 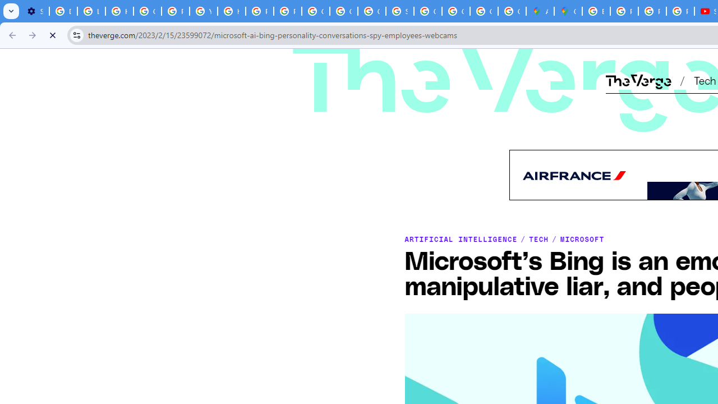 I want to click on 'YouTube', so click(x=203, y=11).